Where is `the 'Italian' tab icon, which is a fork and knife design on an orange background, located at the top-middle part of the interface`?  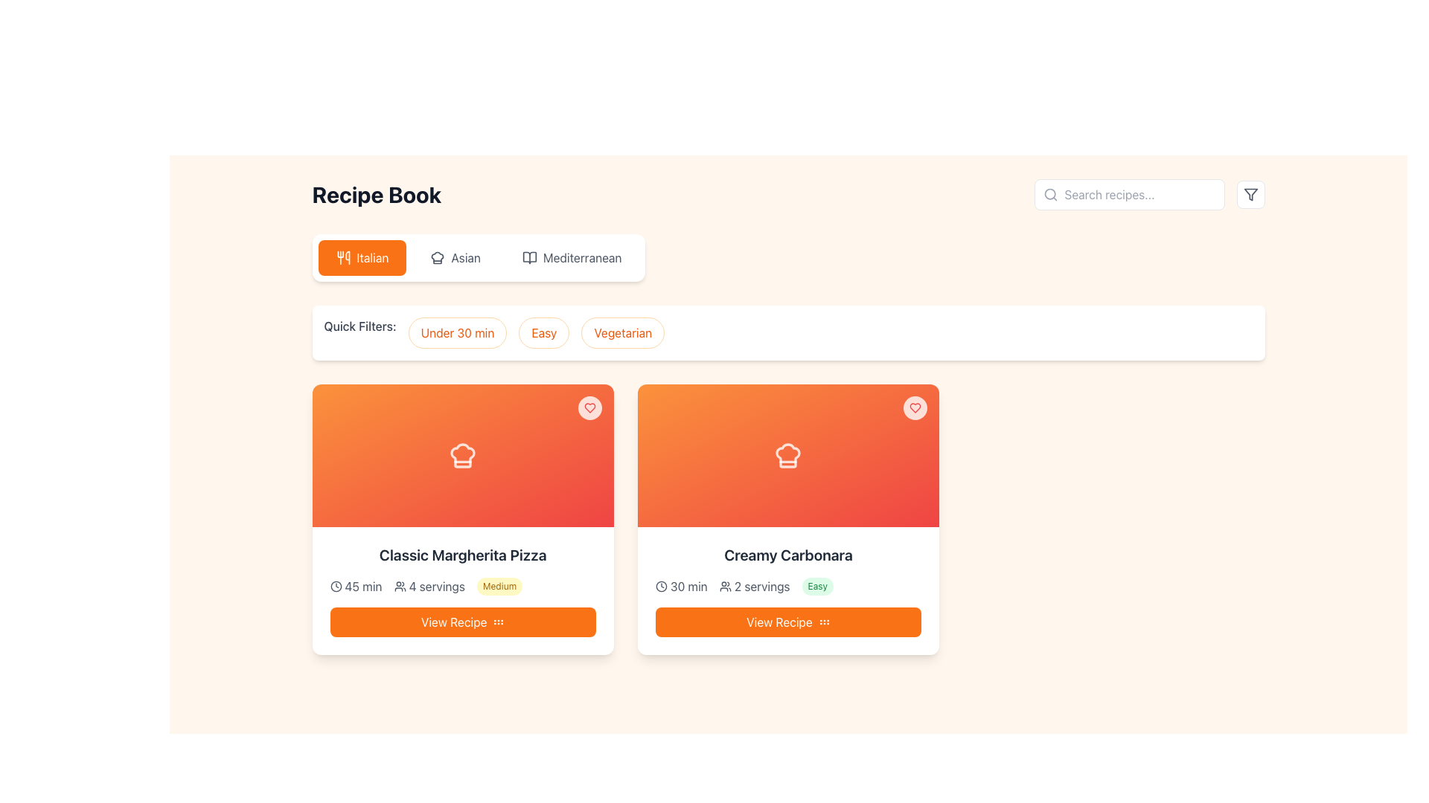
the 'Italian' tab icon, which is a fork and knife design on an orange background, located at the top-middle part of the interface is located at coordinates (346, 257).